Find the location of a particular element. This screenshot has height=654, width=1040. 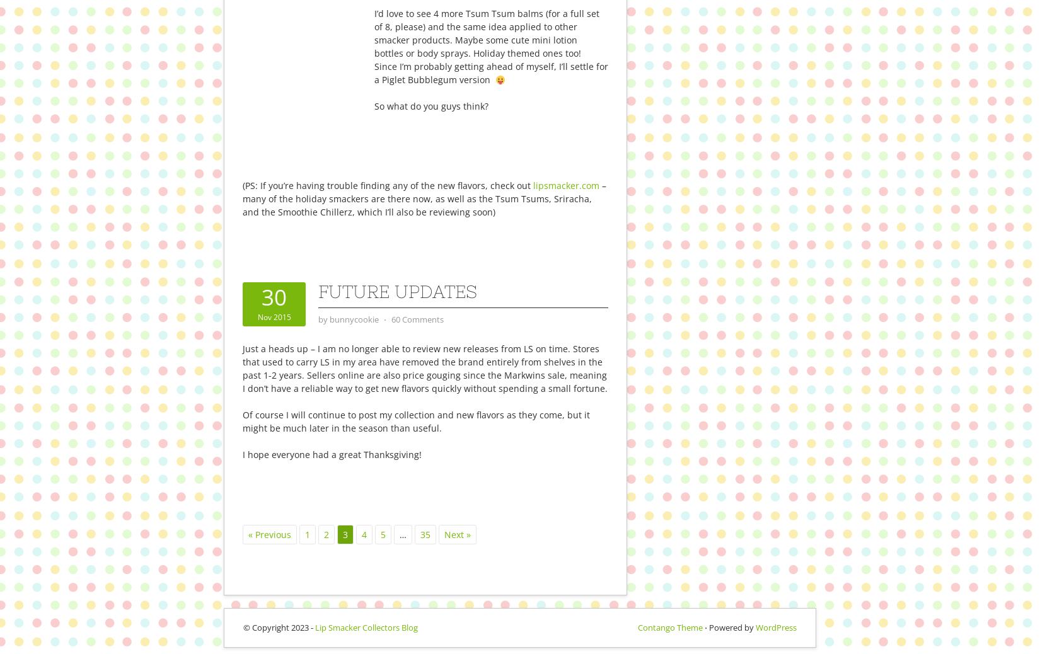

'© Copyright 2023 -' is located at coordinates (279, 627).